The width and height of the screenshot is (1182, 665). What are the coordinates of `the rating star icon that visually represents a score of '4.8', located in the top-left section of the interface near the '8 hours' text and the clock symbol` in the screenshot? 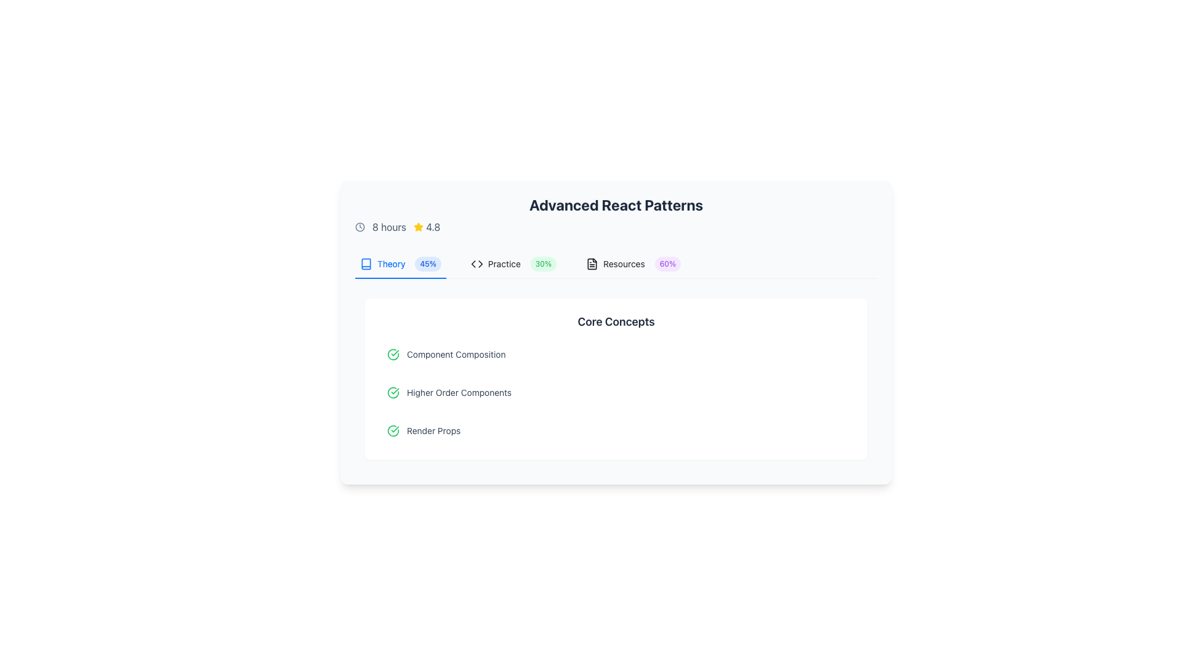 It's located at (419, 227).